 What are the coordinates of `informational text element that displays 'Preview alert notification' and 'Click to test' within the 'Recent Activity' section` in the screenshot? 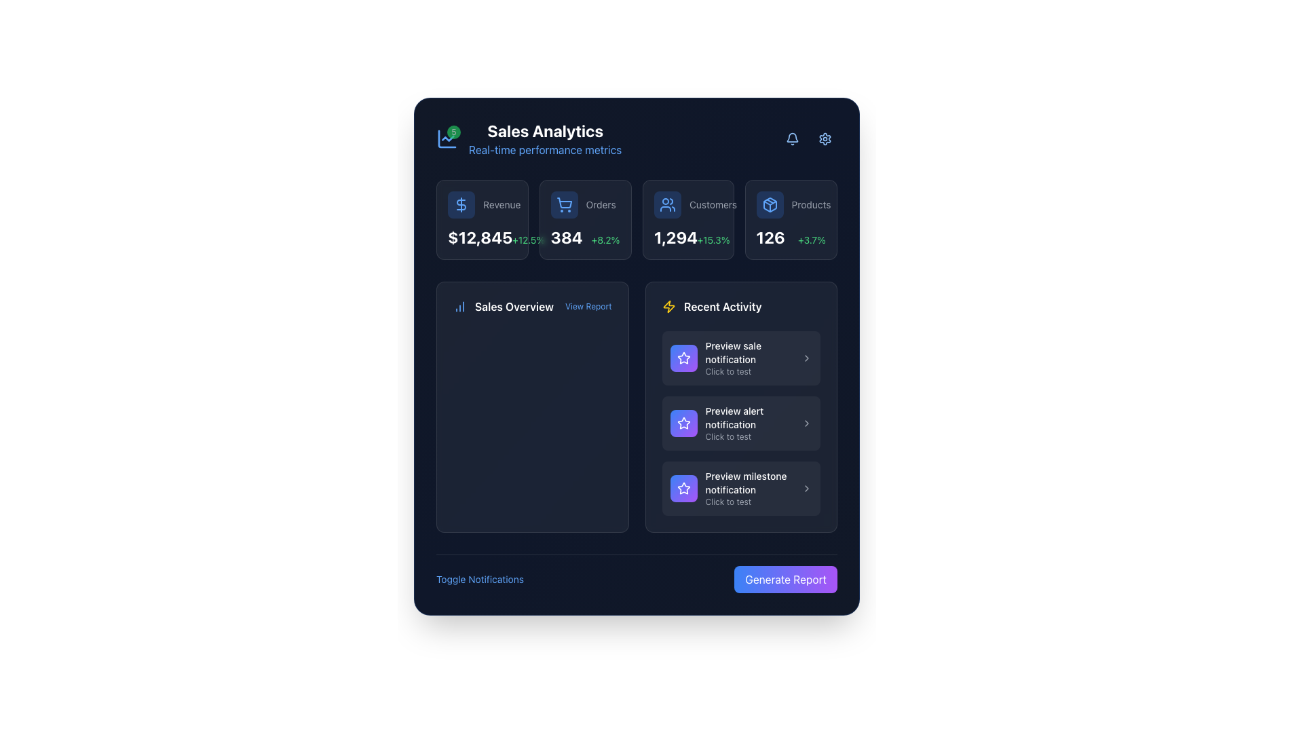 It's located at (749, 423).